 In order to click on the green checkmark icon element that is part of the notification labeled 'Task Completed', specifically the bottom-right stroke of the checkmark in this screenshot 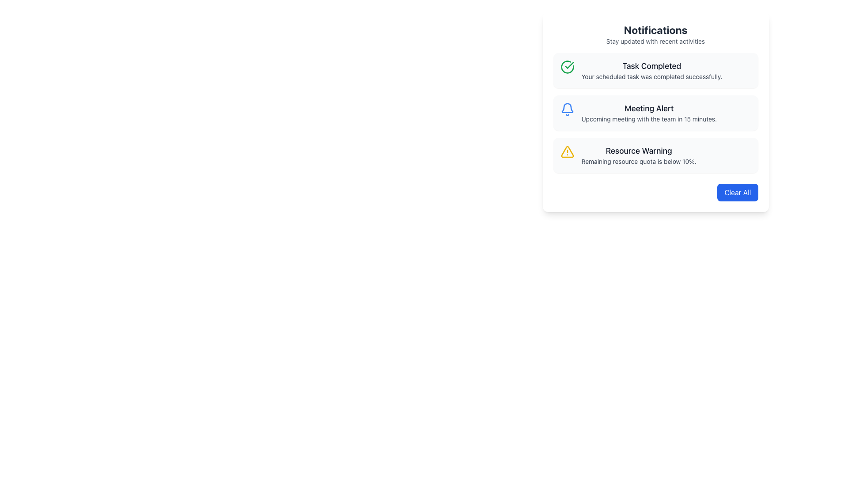, I will do `click(569, 64)`.